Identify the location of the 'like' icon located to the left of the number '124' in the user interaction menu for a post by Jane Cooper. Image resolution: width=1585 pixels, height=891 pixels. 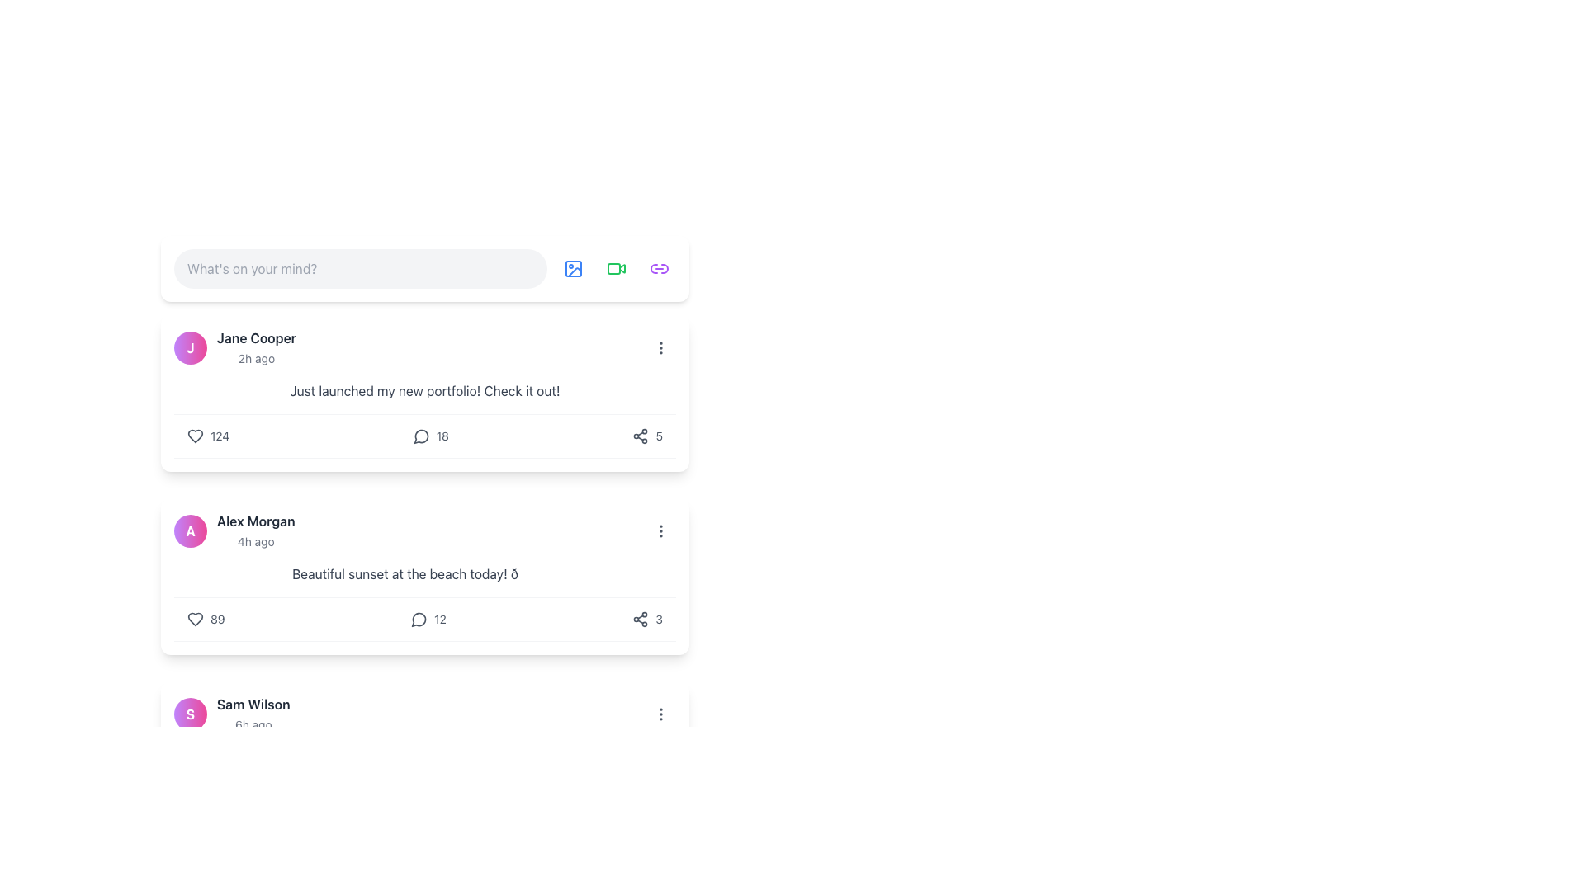
(195, 435).